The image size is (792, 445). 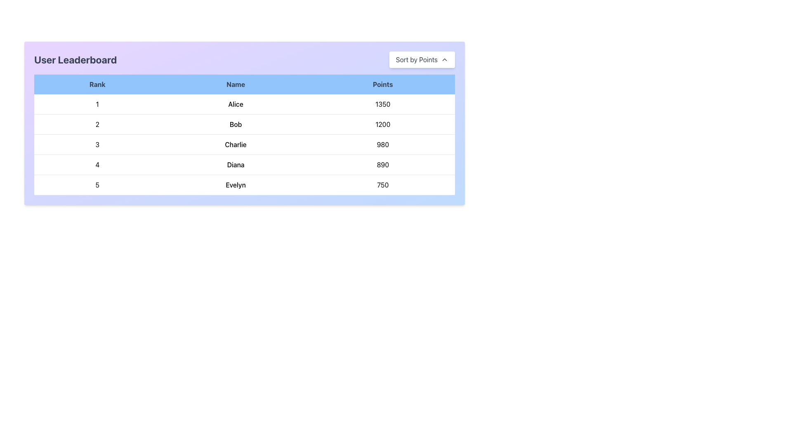 I want to click on the last table cell in the 'Points' column associated with user 'Evelyn', so click(x=382, y=184).